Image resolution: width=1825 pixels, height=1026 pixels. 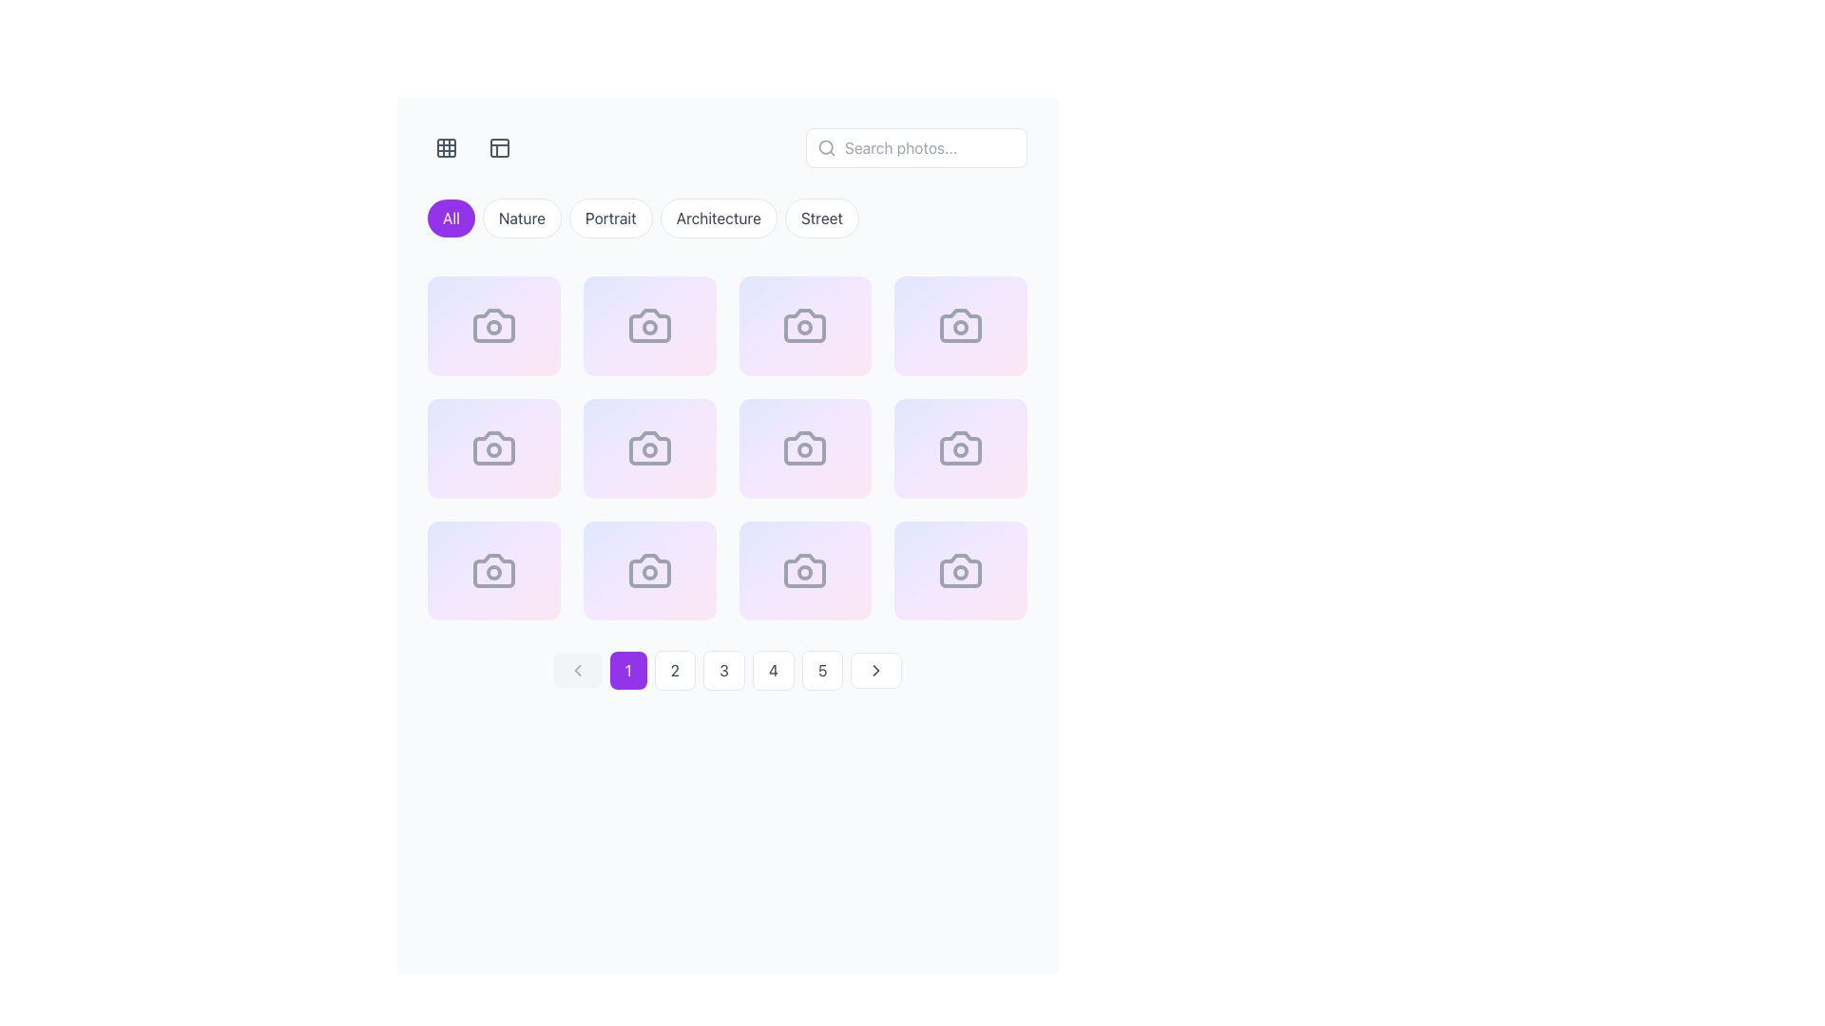 What do you see at coordinates (649, 466) in the screenshot?
I see `the icon in the horizontal action button group located within the 'Photograph #6' card, positioned below 'Category: all'` at bounding box center [649, 466].